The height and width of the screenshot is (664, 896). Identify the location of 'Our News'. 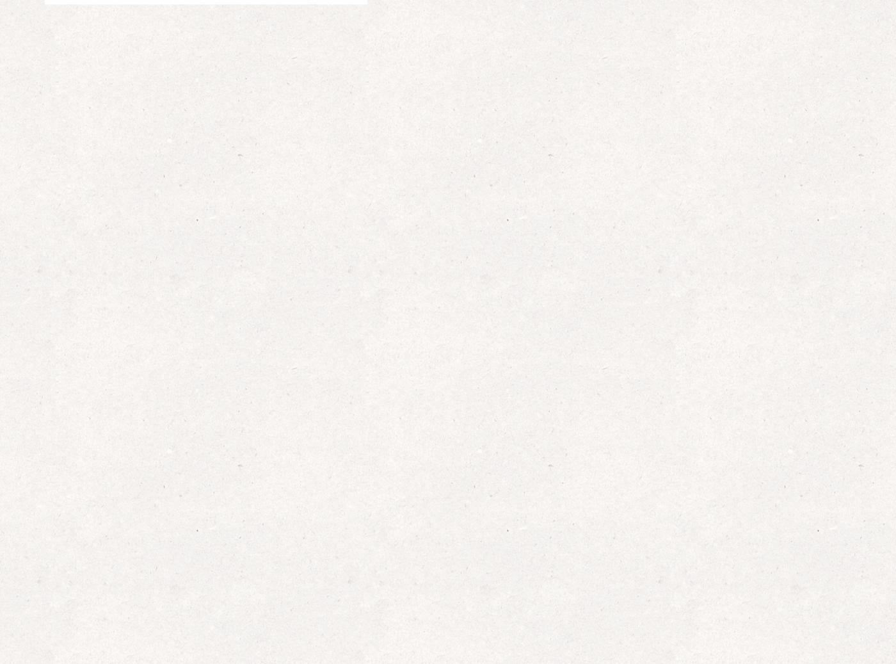
(447, 184).